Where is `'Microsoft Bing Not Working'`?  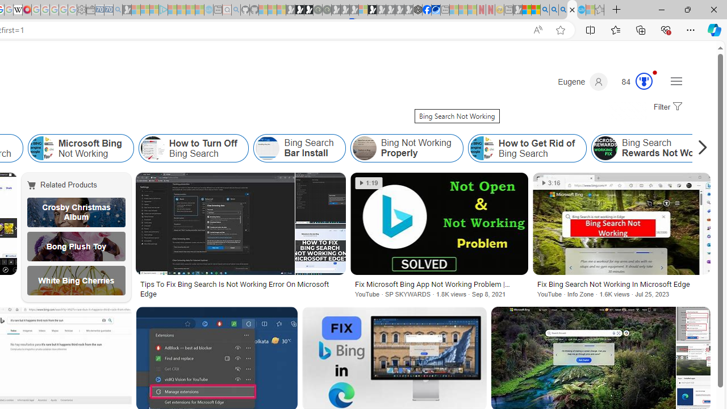
'Microsoft Bing Not Working' is located at coordinates (41, 148).